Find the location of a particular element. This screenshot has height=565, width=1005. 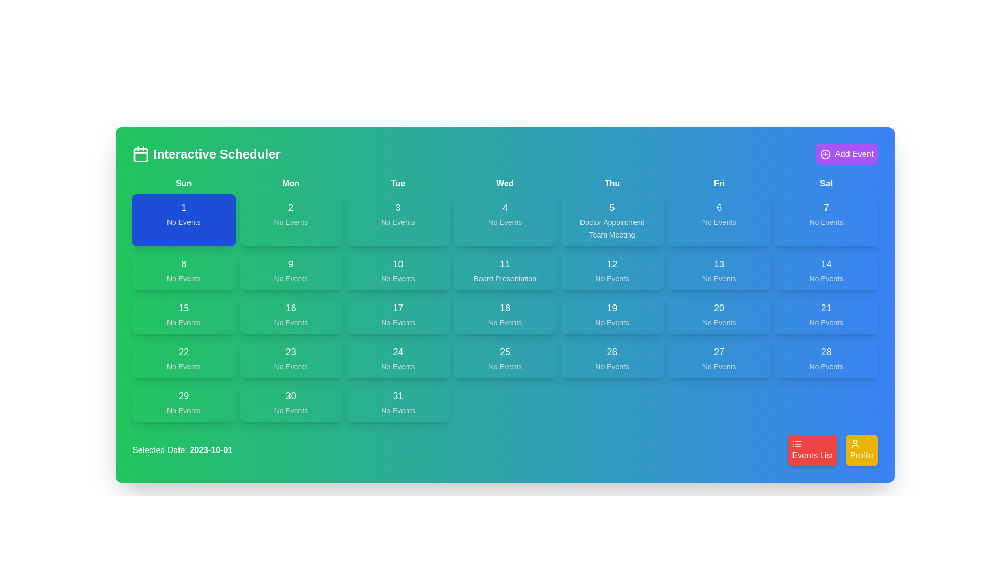

the Date cell in the calendar grid that displays the date and event status for the 17th of the month, located under 'Tue' in the third column and fourth row is located at coordinates (397, 314).